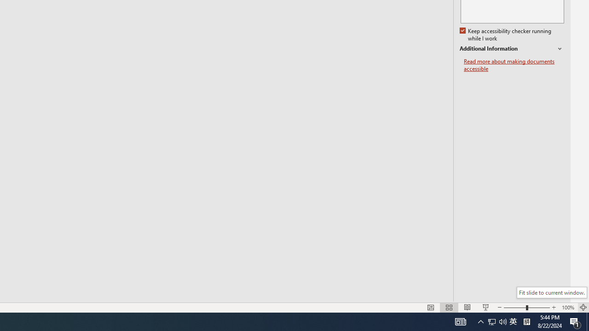 This screenshot has height=331, width=589. Describe the element at coordinates (514, 308) in the screenshot. I see `'Zoom Out'` at that location.